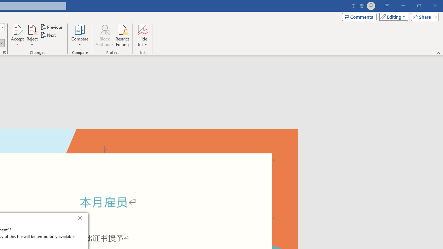 Image resolution: width=443 pixels, height=249 pixels. What do you see at coordinates (423, 16) in the screenshot?
I see `'Share'` at bounding box center [423, 16].